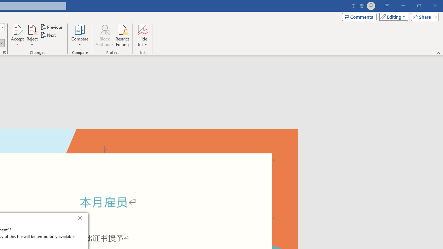 Image resolution: width=443 pixels, height=249 pixels. What do you see at coordinates (423, 16) in the screenshot?
I see `'Share'` at bounding box center [423, 16].